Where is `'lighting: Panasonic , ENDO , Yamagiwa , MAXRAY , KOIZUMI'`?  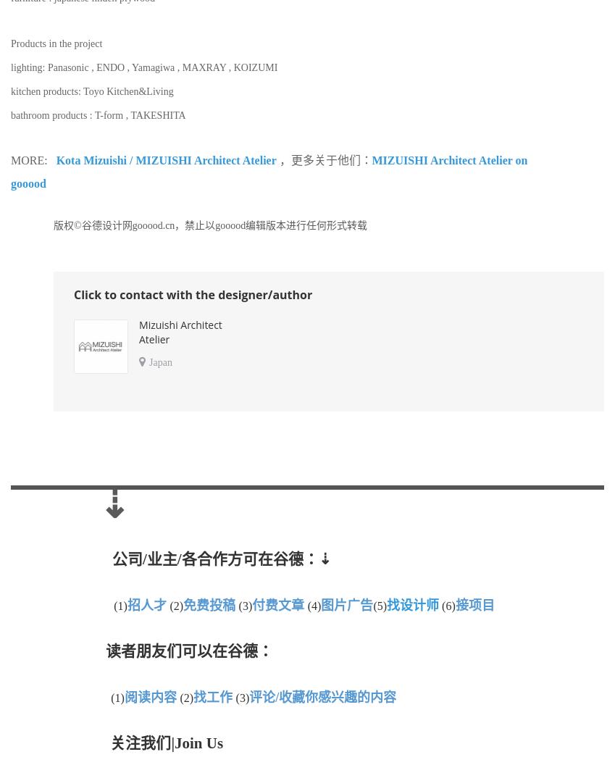
'lighting: Panasonic , ENDO , Yamagiwa , MAXRAY , KOIZUMI' is located at coordinates (143, 66).